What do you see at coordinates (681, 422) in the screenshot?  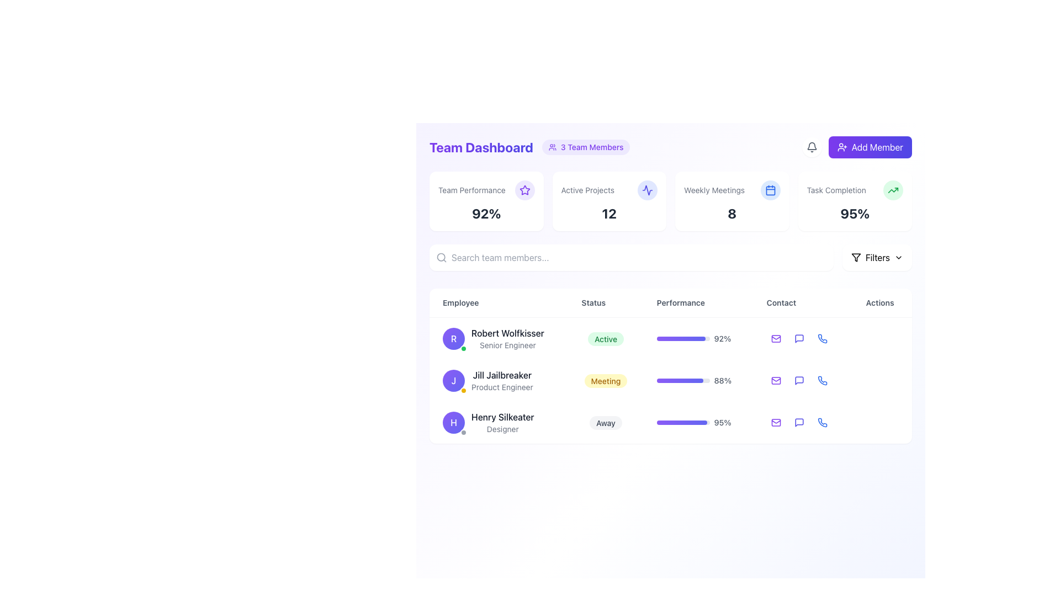 I see `the horizontal progress bar styled with a gradient from violet to indigo, located in the 'Performance' column for the third row corresponding to 'Henry Silkeater.'` at bounding box center [681, 422].